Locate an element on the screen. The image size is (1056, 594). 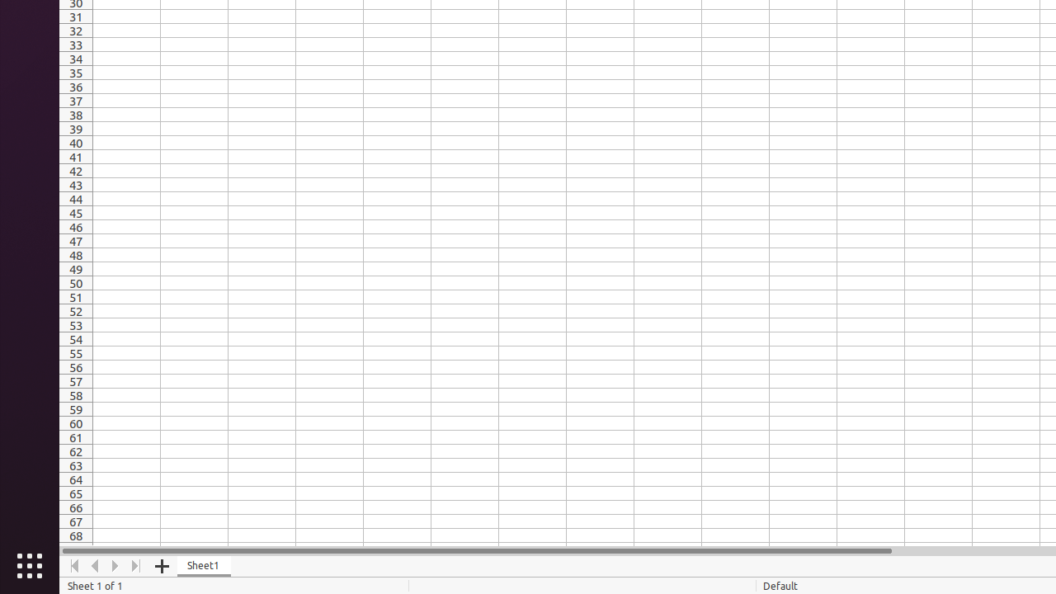
'Move Right' is located at coordinates (115, 565).